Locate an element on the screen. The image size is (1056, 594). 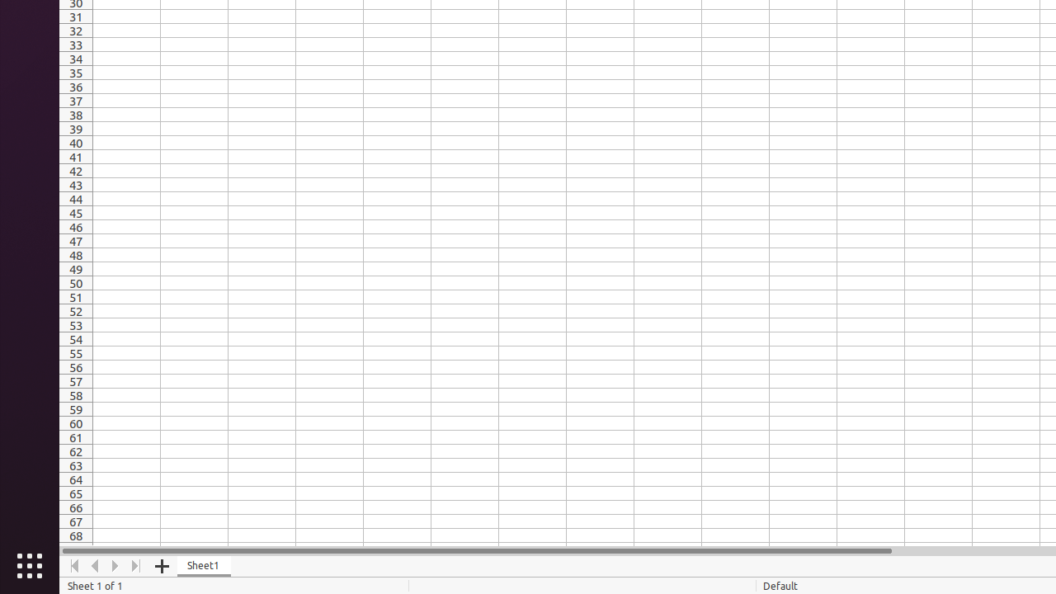
'Move Right' is located at coordinates (115, 565).